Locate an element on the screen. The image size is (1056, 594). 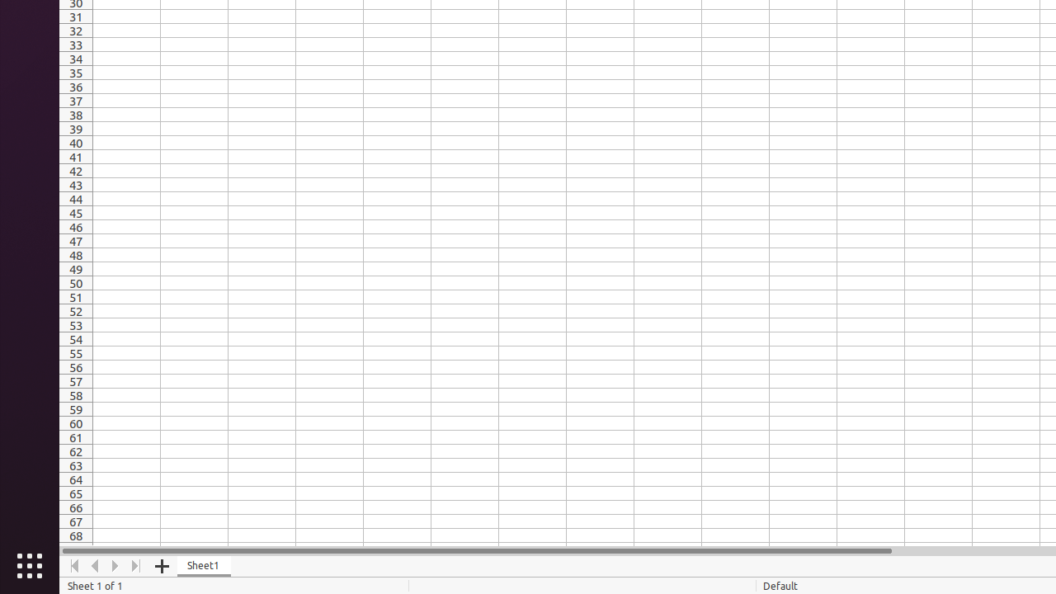
'Move Right' is located at coordinates (115, 565).